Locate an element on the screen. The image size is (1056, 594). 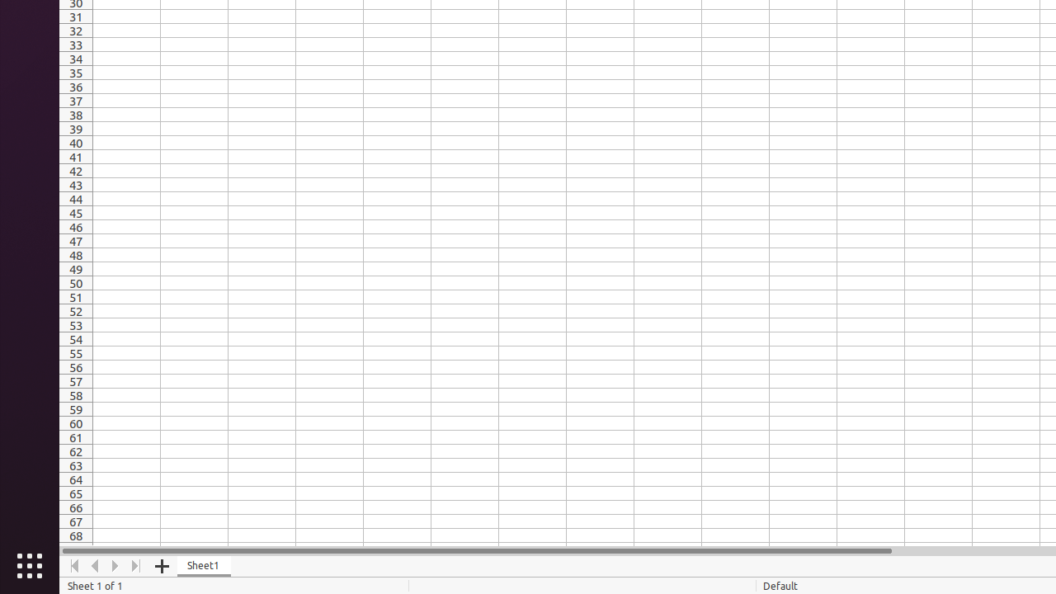
'Move Right' is located at coordinates (115, 565).